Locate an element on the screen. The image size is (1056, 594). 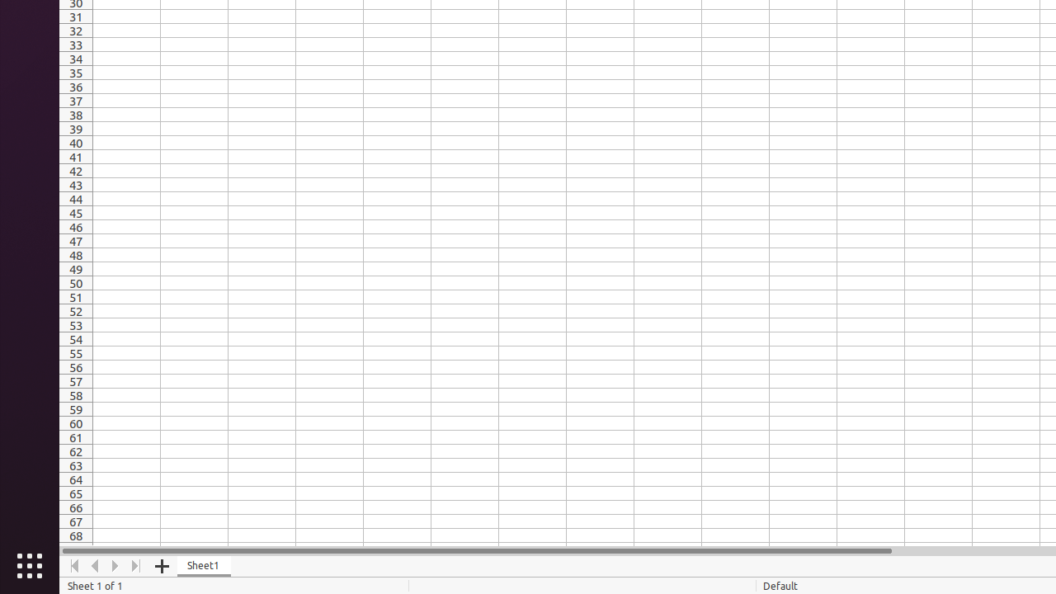
'Move Right' is located at coordinates (115, 565).